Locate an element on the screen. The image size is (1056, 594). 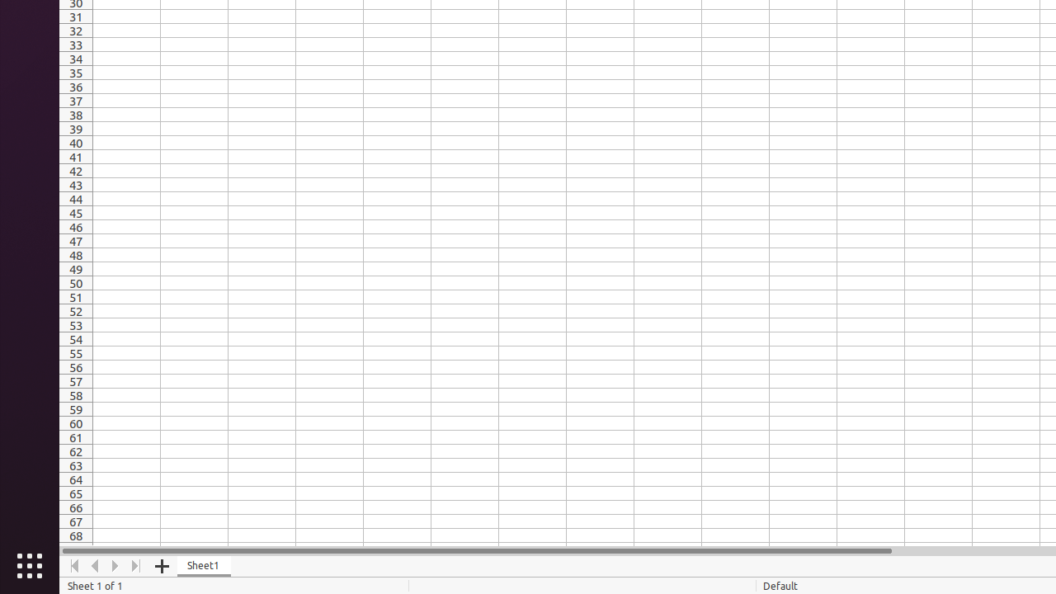
'Move Right' is located at coordinates (115, 565).